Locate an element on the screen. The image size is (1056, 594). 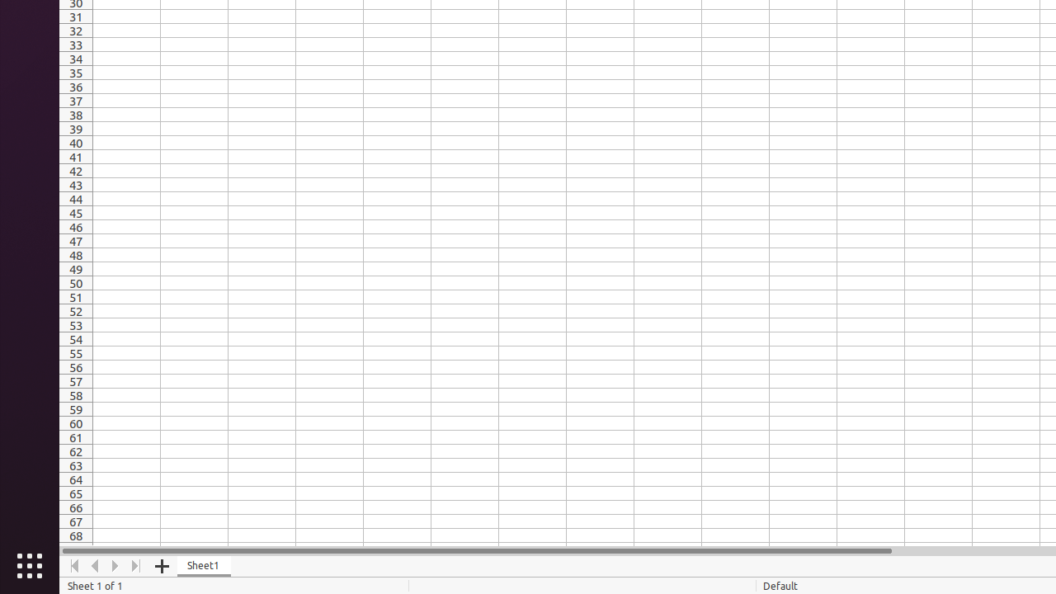
'Move Right' is located at coordinates (115, 565).